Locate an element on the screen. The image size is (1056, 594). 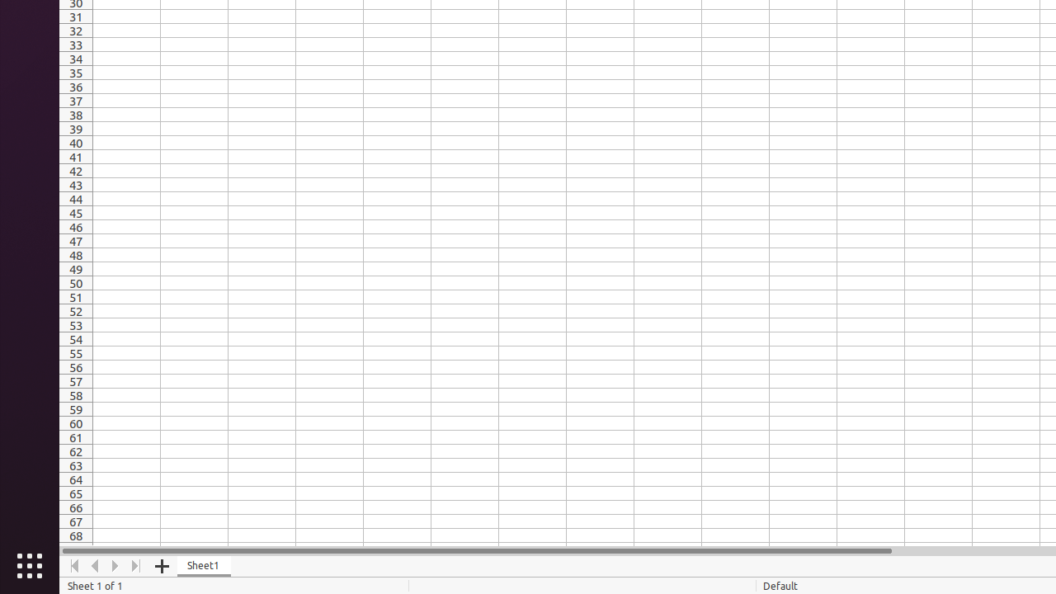
'Move Right' is located at coordinates (115, 565).